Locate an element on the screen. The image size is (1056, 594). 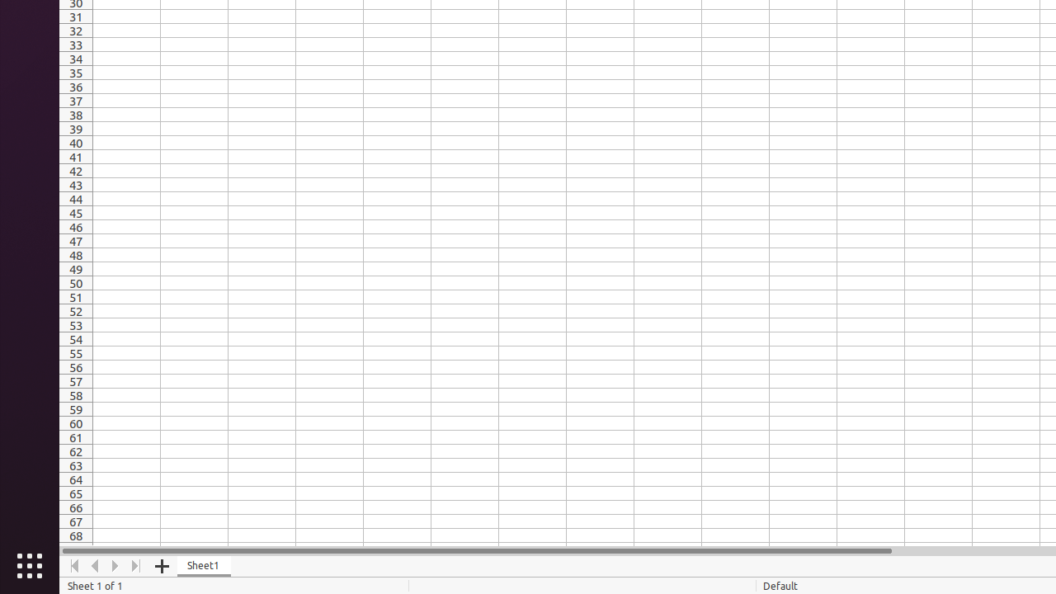
'Move Right' is located at coordinates (115, 565).